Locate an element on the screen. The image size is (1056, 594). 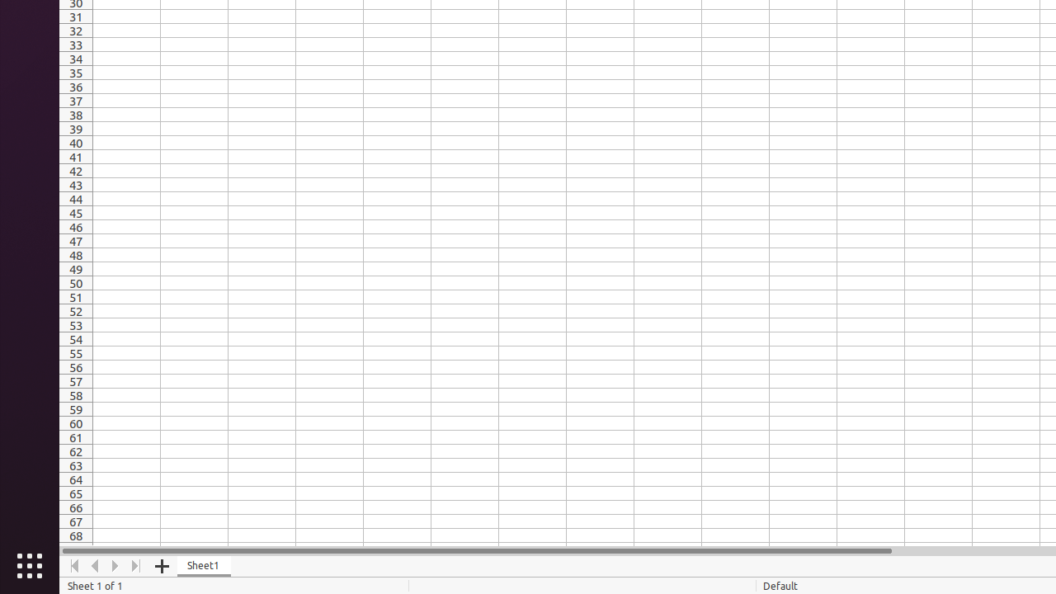
'Move Right' is located at coordinates (115, 565).